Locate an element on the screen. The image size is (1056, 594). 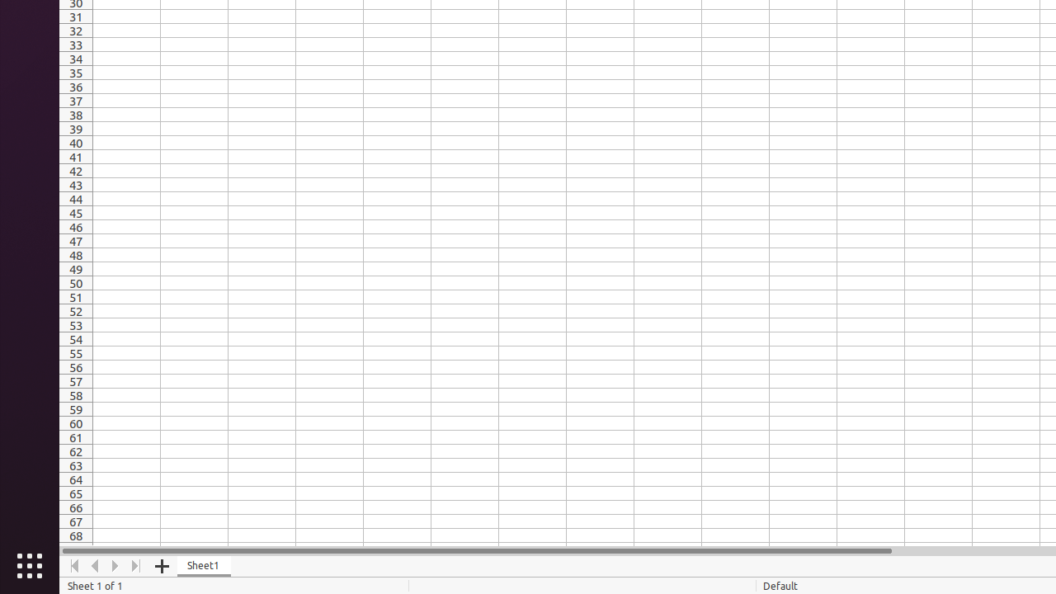
'Move Right' is located at coordinates (115, 565).